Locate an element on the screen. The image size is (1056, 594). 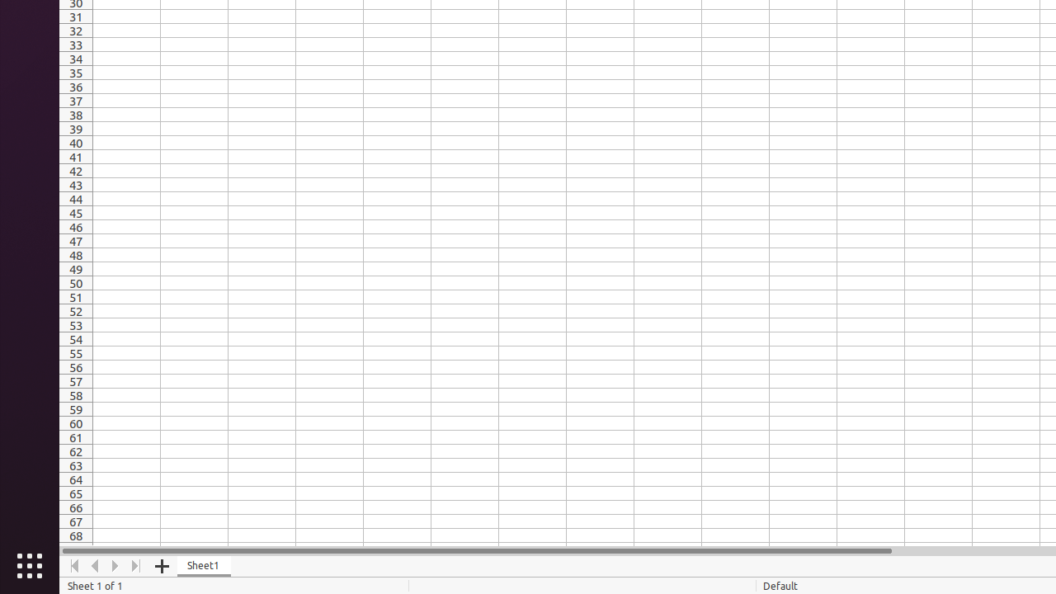
'Move Right' is located at coordinates (115, 565).